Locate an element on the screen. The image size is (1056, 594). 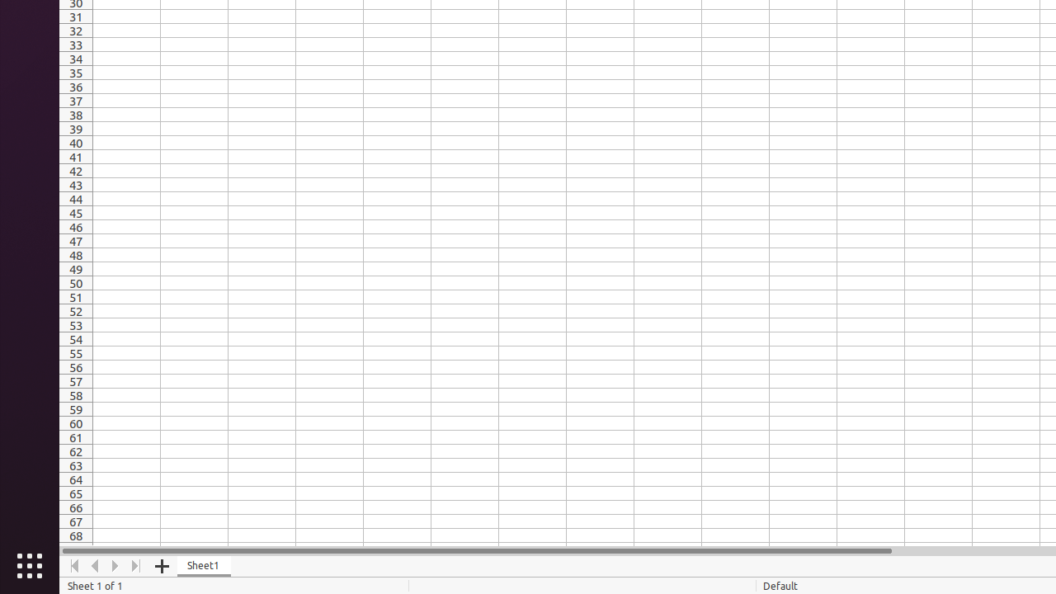
'Move Right' is located at coordinates (115, 565).